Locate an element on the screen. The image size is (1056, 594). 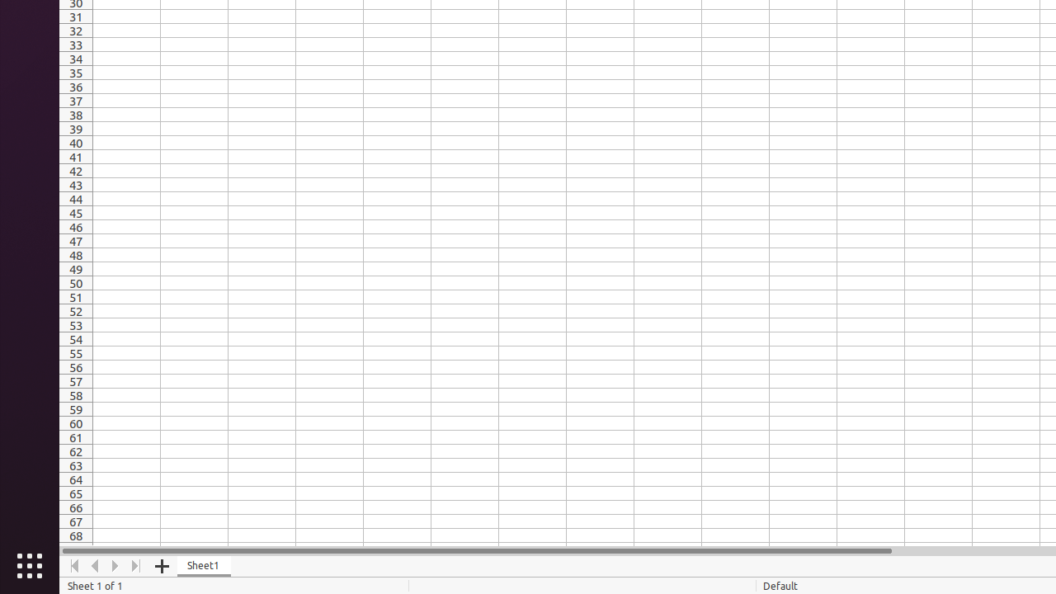
'Move Right' is located at coordinates (115, 565).